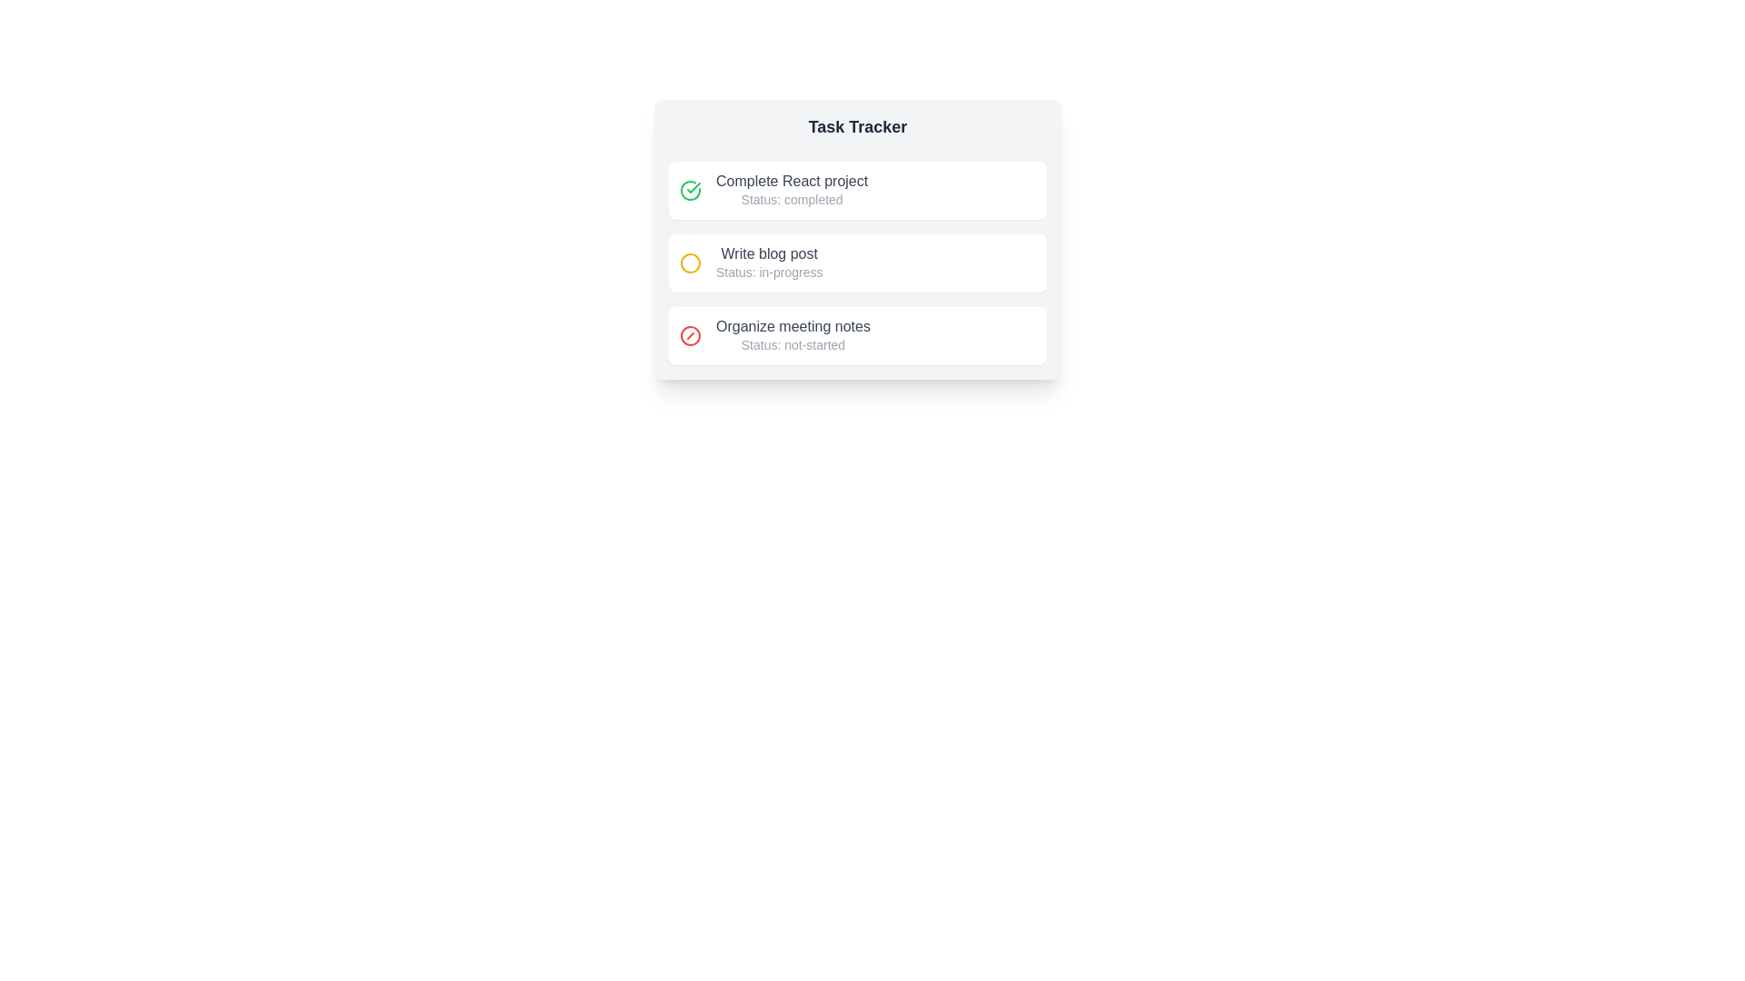 This screenshot has height=981, width=1745. What do you see at coordinates (689, 336) in the screenshot?
I see `the circular icon with a red border and diagonal slash, which indicates a 'not-started' status, located in the bottom card of the task list next to 'Organize meeting notes' and 'Status: not-started'` at bounding box center [689, 336].